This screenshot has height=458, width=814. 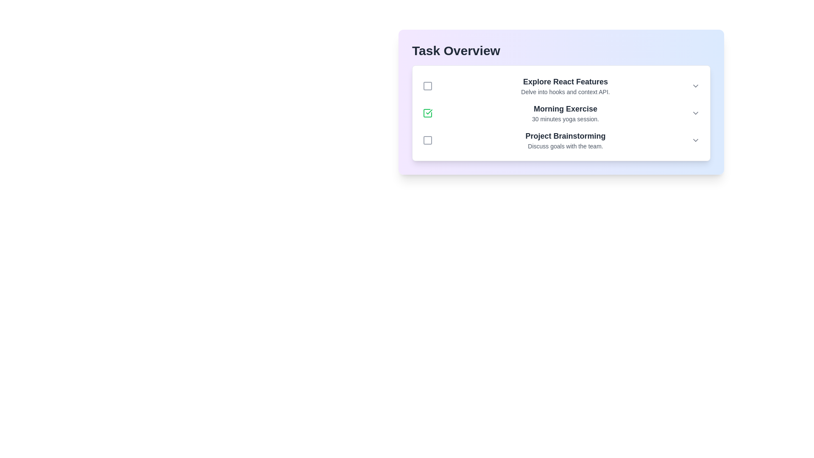 What do you see at coordinates (696, 112) in the screenshot?
I see `the ChevronDown icon corresponding to the task titled Morning Exercise to expand its details` at bounding box center [696, 112].